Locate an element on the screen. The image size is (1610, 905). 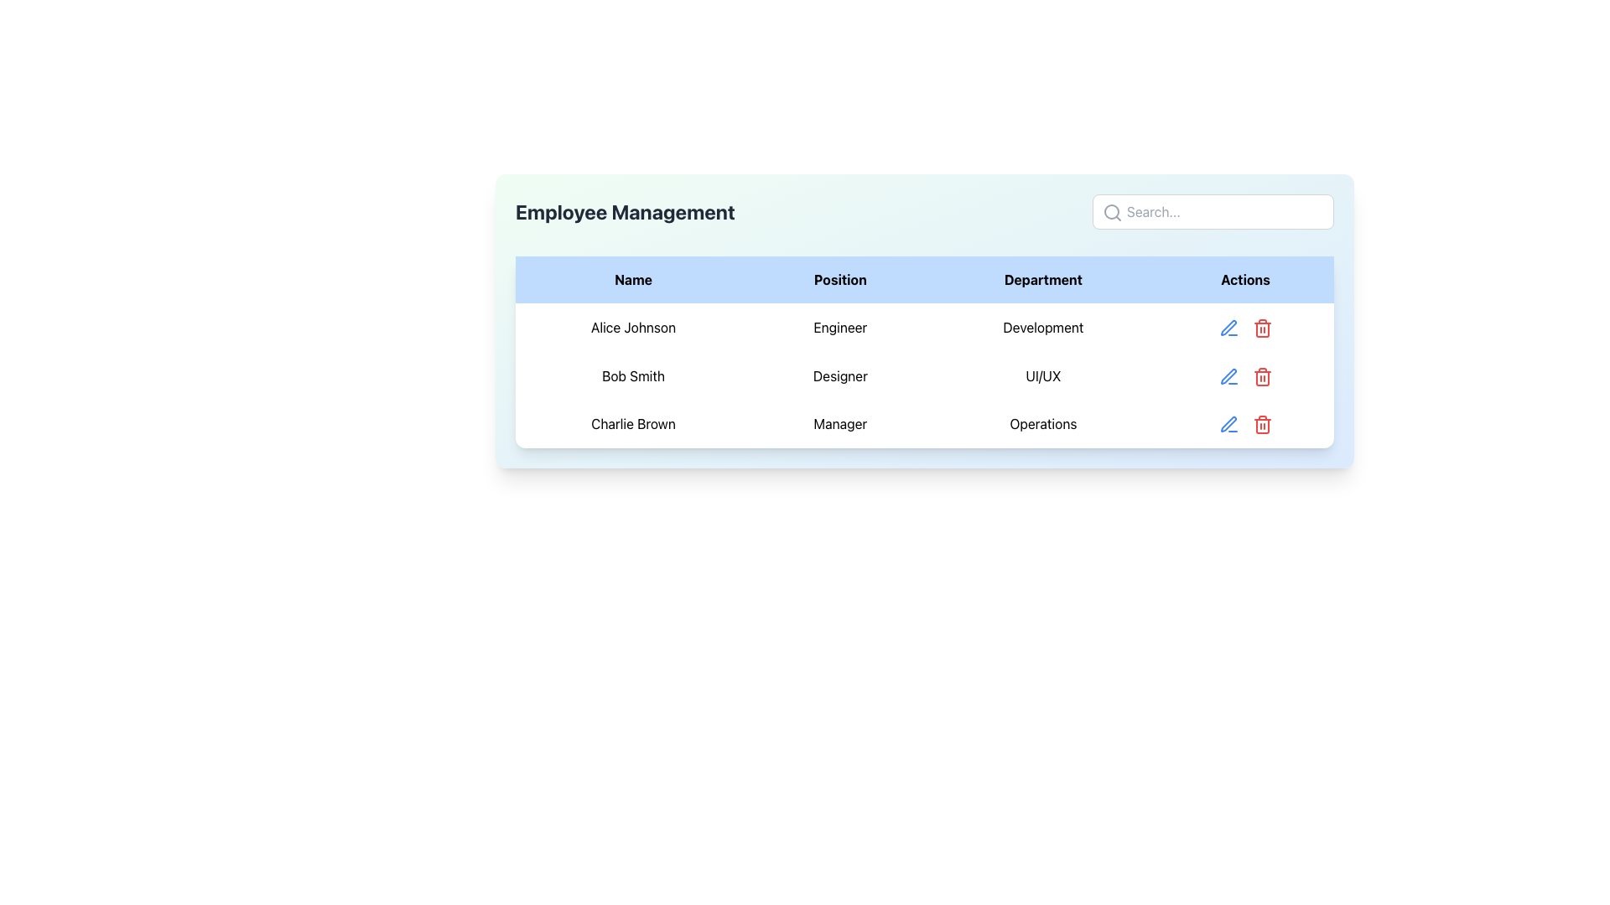
the static text label identifying 'Charlie Brown' in the third row of the 'Employee Management' table, which is adjacent to 'Manager' and 'Operations' is located at coordinates (632, 423).